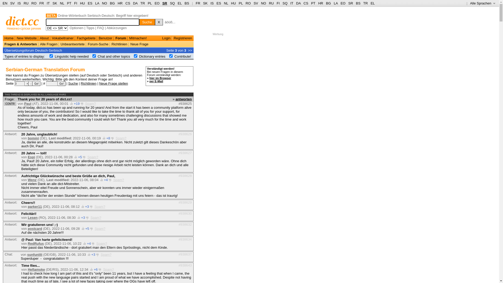  Describe the element at coordinates (152, 56) in the screenshot. I see `'Dictionary entries'` at that location.